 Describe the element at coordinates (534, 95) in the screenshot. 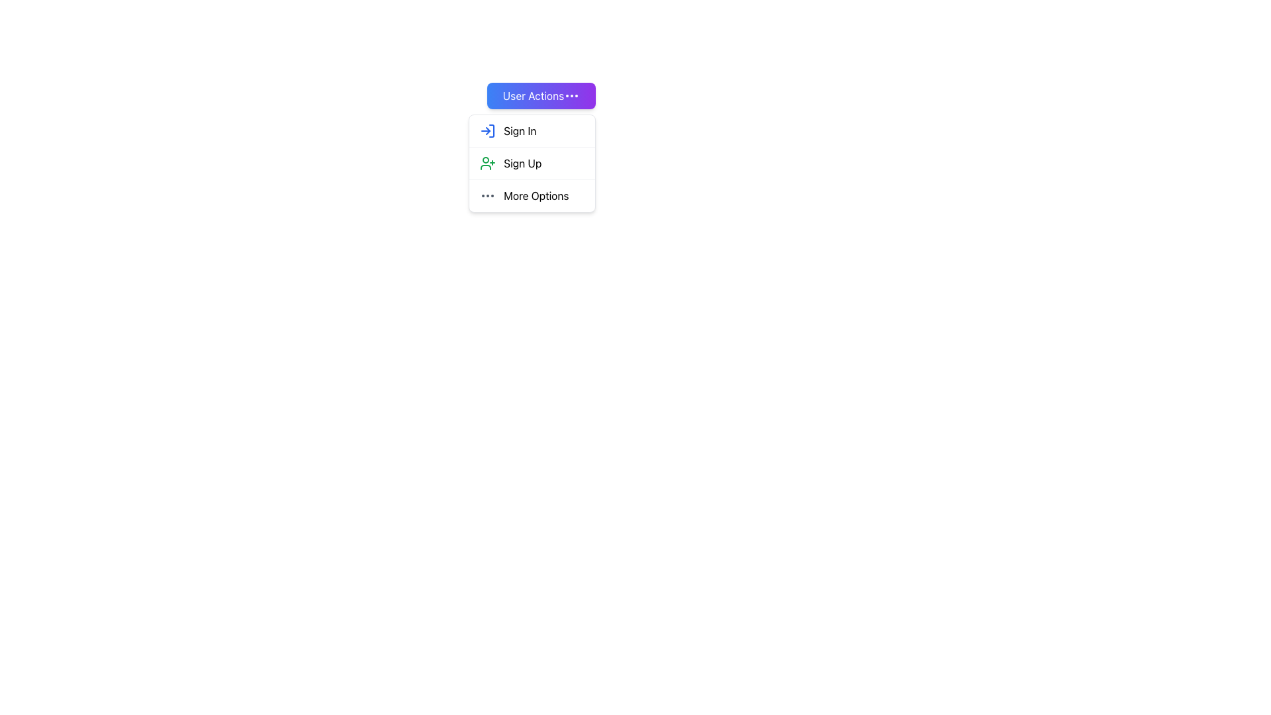

I see `the text displayed on the text label located at the top center of the rounded rectangular button` at that location.